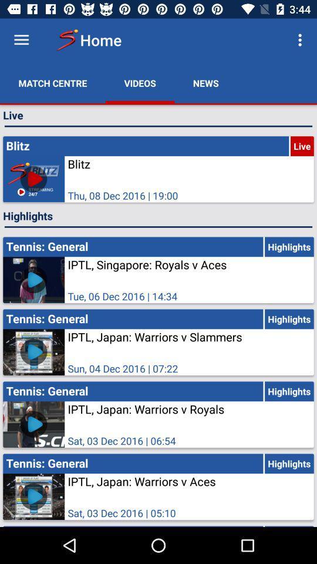  Describe the element at coordinates (140, 82) in the screenshot. I see `app to the left of news` at that location.